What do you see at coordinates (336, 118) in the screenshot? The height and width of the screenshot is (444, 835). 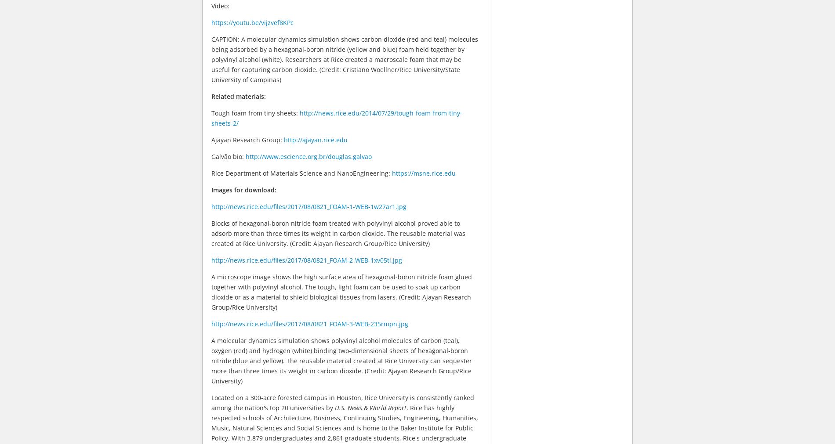 I see `'http://news.rice.edu/2014/07/29/tough-foam-from-tiny-sheets-2/'` at bounding box center [336, 118].